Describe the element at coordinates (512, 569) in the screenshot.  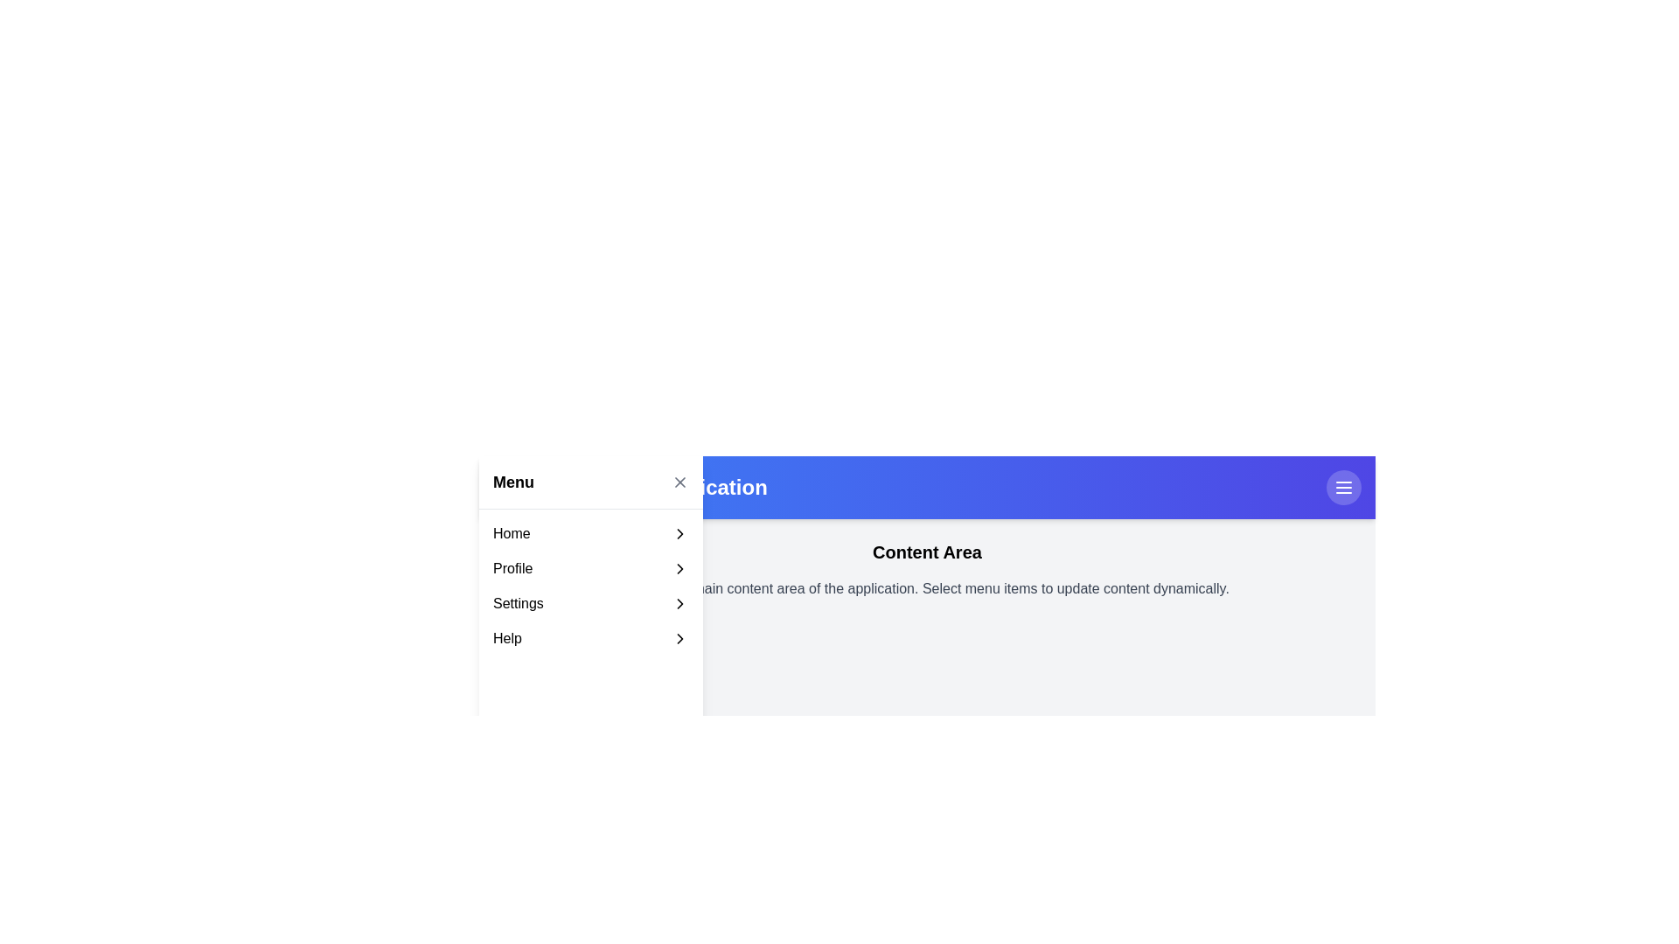
I see `the 'Profile' navigation link in the vertical menu` at that location.